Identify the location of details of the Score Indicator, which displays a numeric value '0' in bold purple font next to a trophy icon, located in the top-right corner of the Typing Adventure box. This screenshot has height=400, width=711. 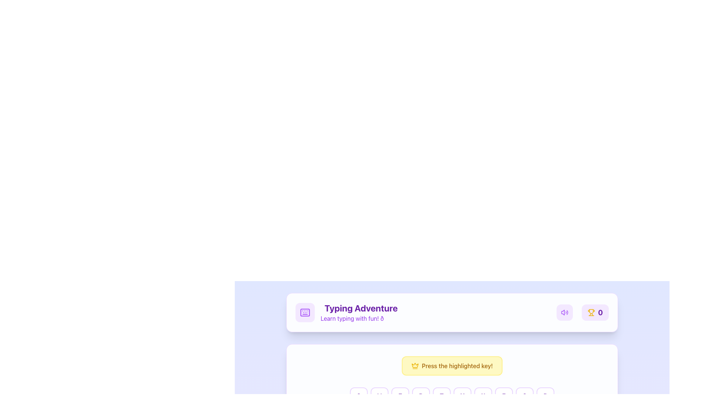
(582, 313).